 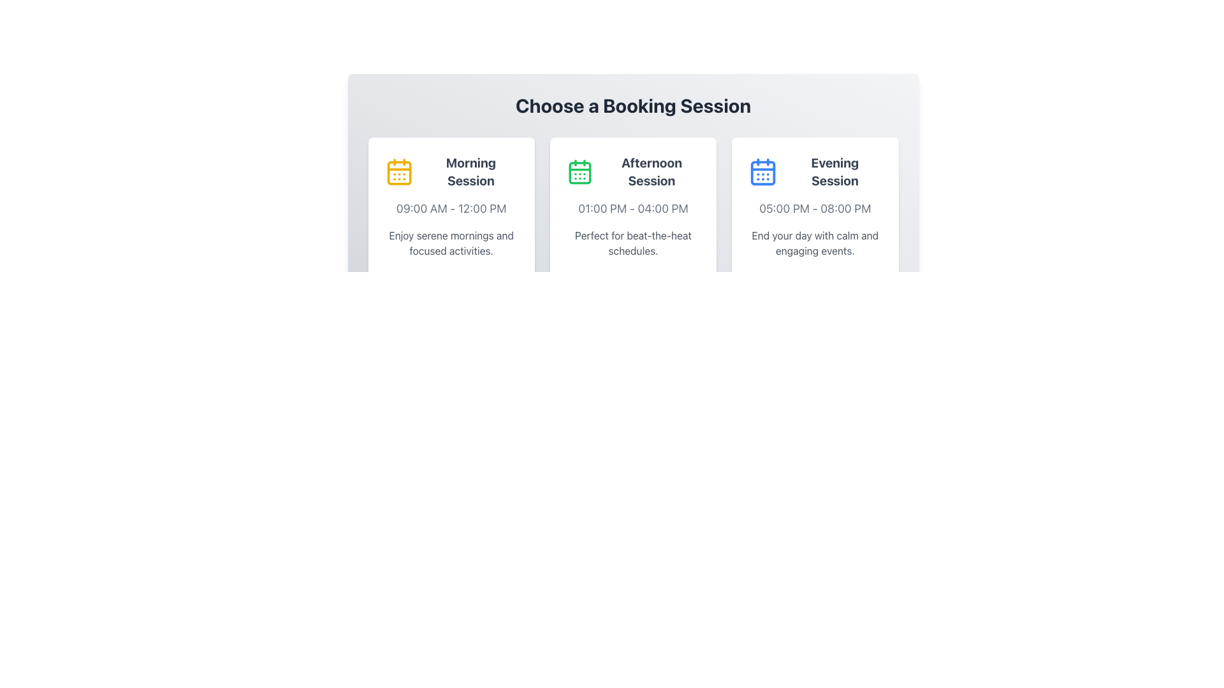 I want to click on text label 'Evening Session' which is located in the header section of the booking sessions layout, positioned to the right of the 'Afternoon Session', so click(x=814, y=172).